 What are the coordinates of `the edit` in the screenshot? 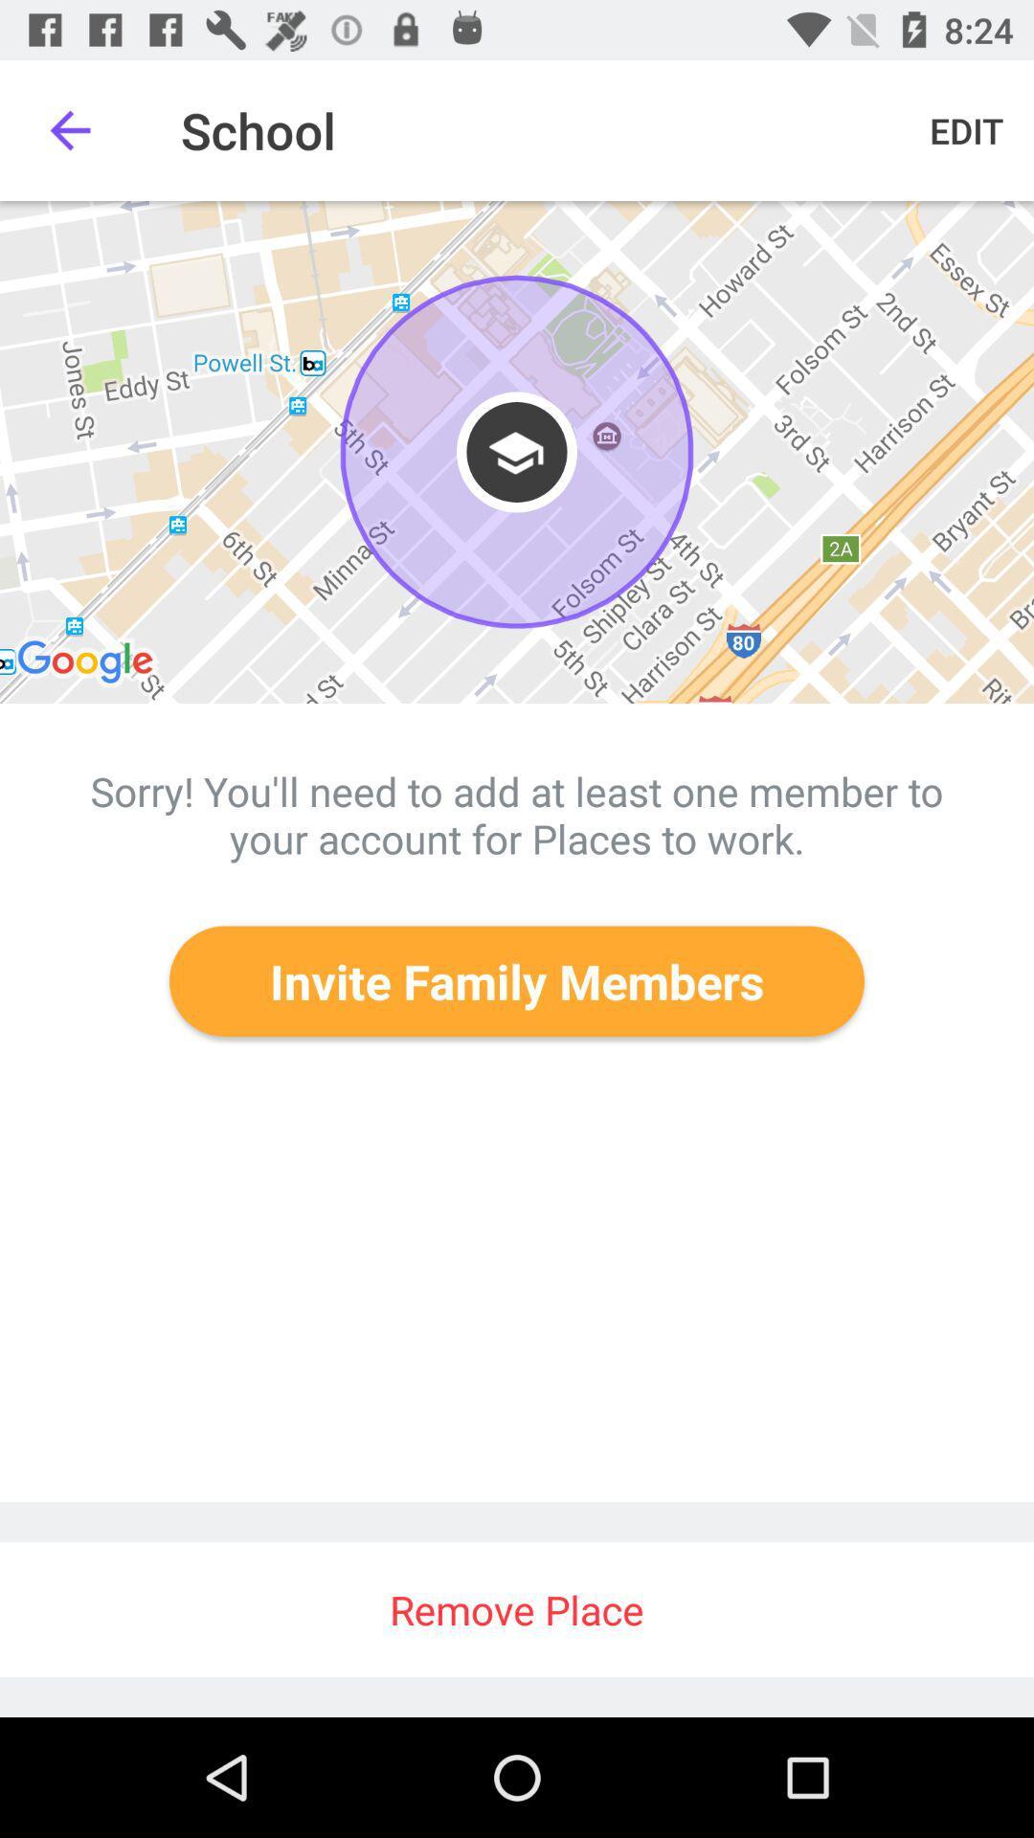 It's located at (966, 129).